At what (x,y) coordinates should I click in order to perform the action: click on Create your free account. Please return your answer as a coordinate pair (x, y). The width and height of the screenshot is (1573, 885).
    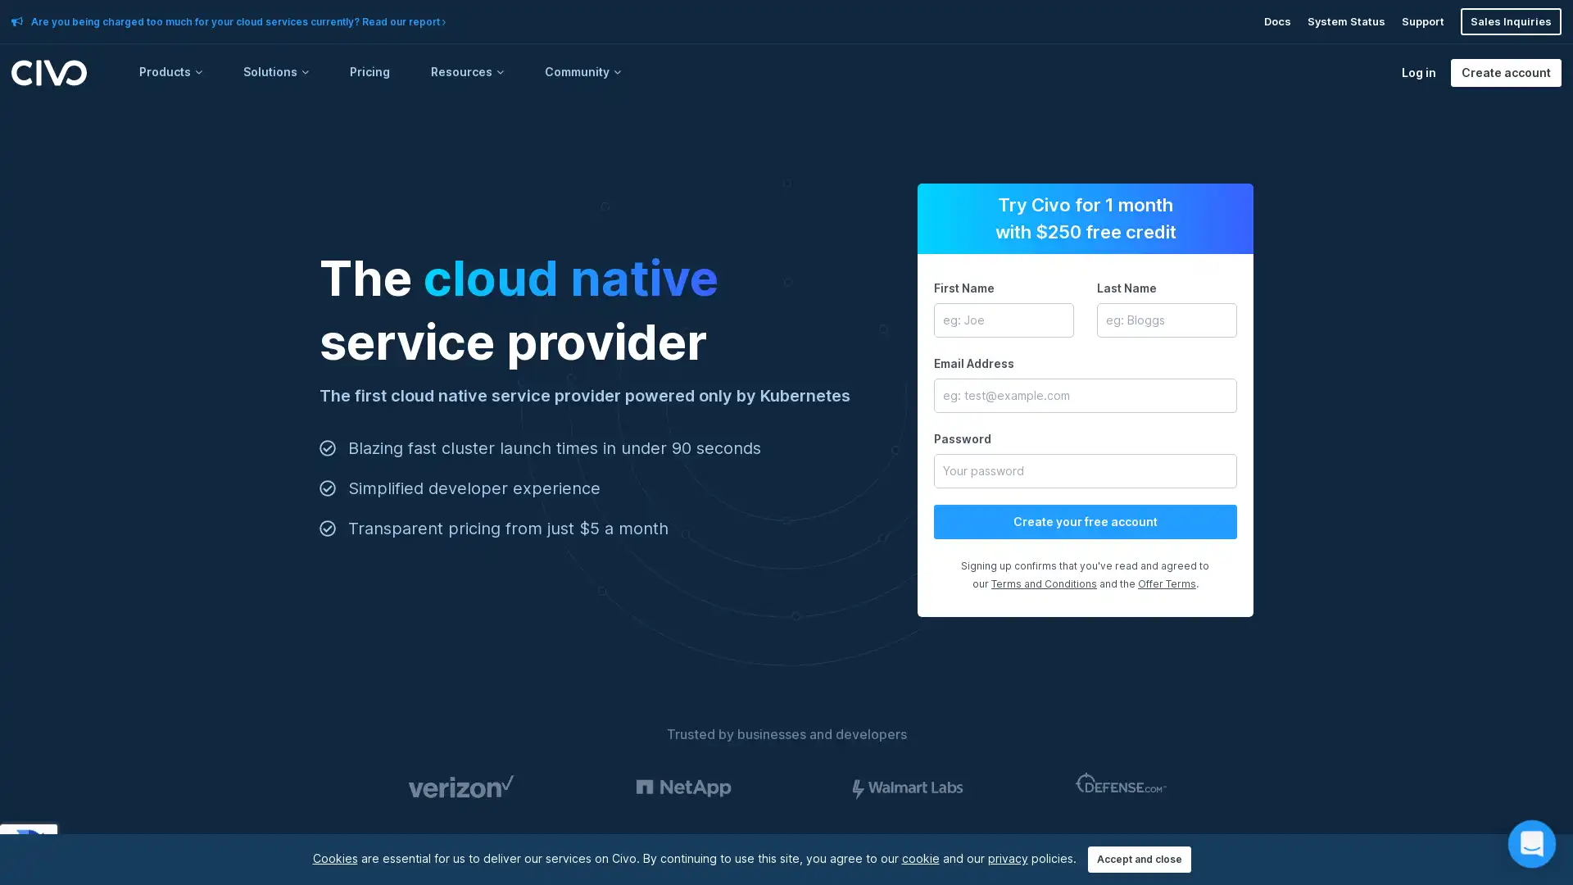
    Looking at the image, I should click on (1085, 521).